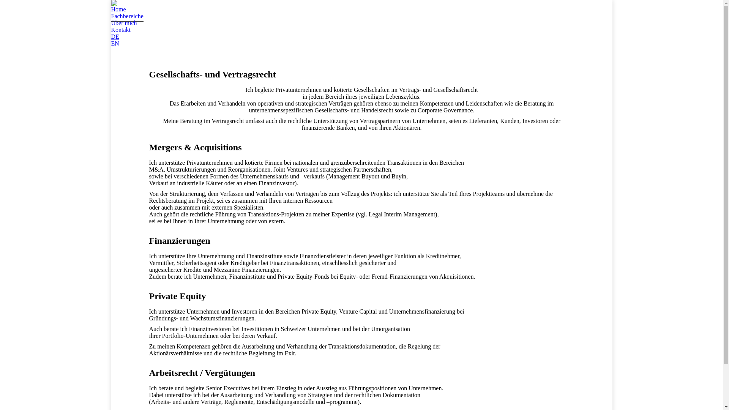 This screenshot has width=729, height=410. What do you see at coordinates (114, 43) in the screenshot?
I see `'EN'` at bounding box center [114, 43].